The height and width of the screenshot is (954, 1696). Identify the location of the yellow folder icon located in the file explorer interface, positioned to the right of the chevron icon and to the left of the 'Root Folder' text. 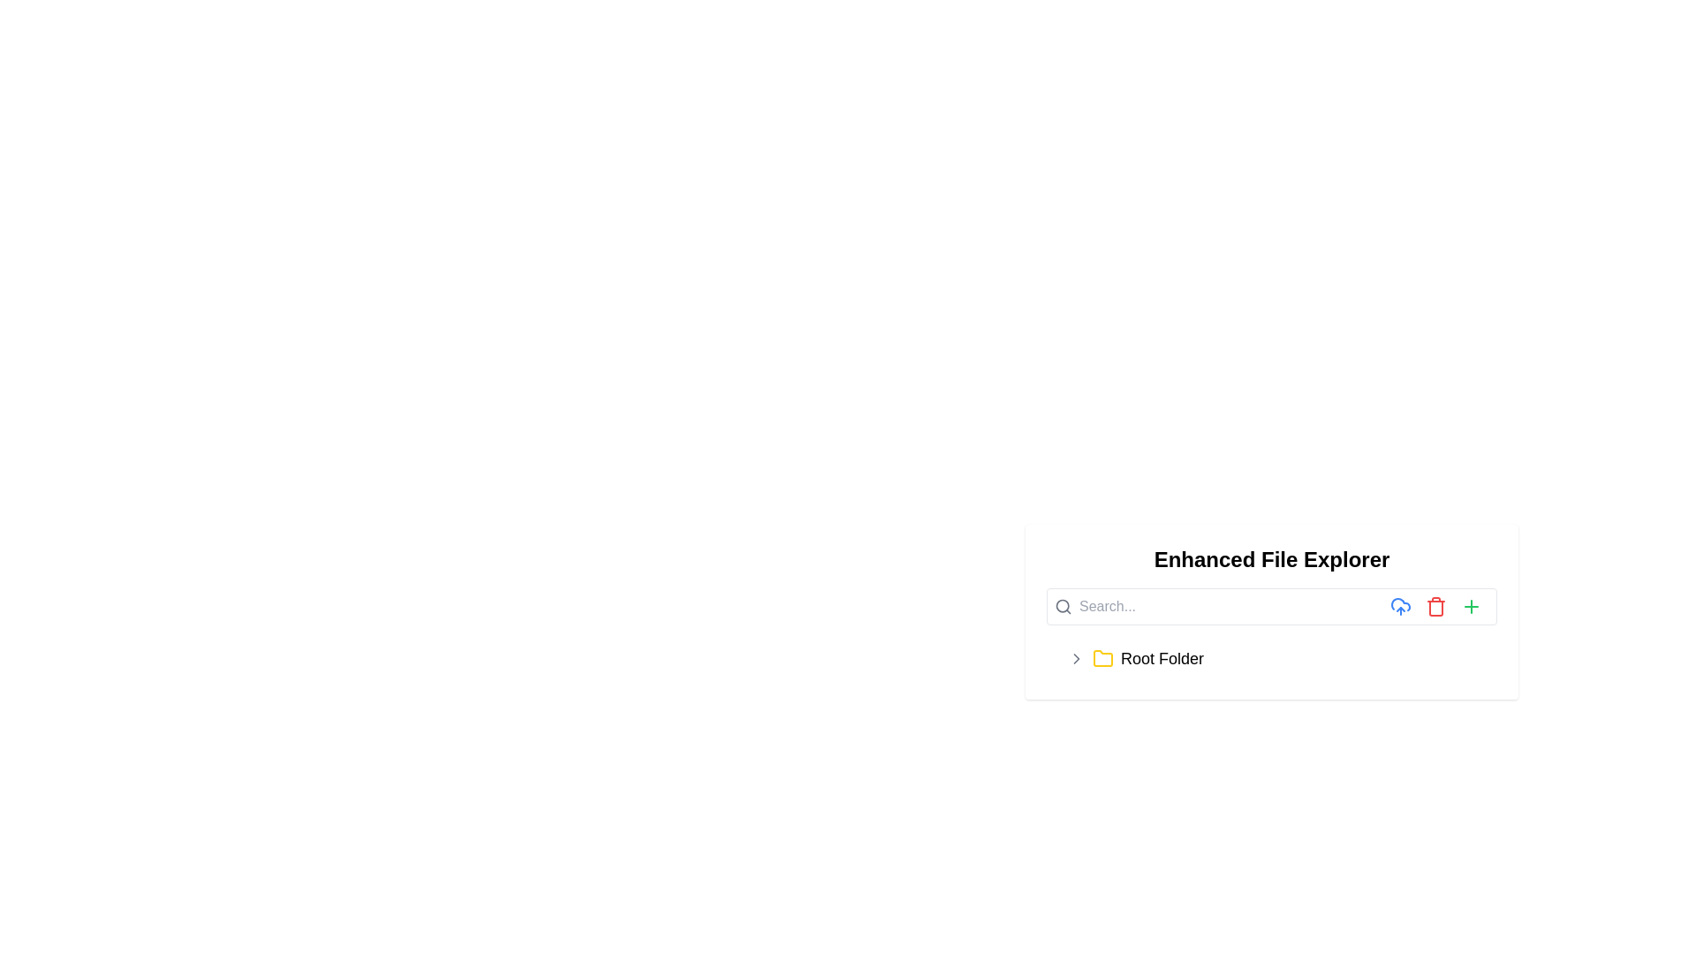
(1102, 658).